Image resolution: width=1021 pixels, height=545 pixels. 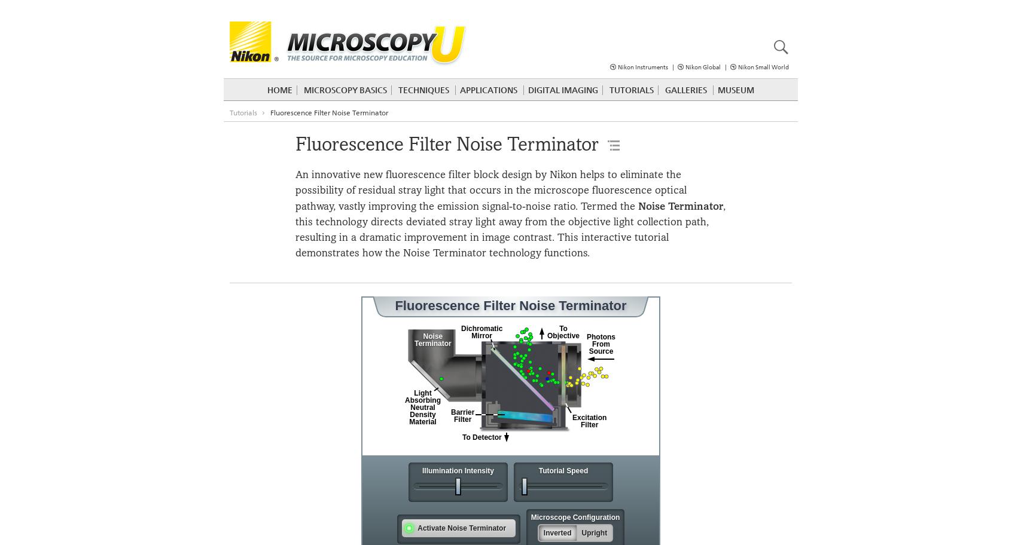 What do you see at coordinates (267, 89) in the screenshot?
I see `'Home'` at bounding box center [267, 89].